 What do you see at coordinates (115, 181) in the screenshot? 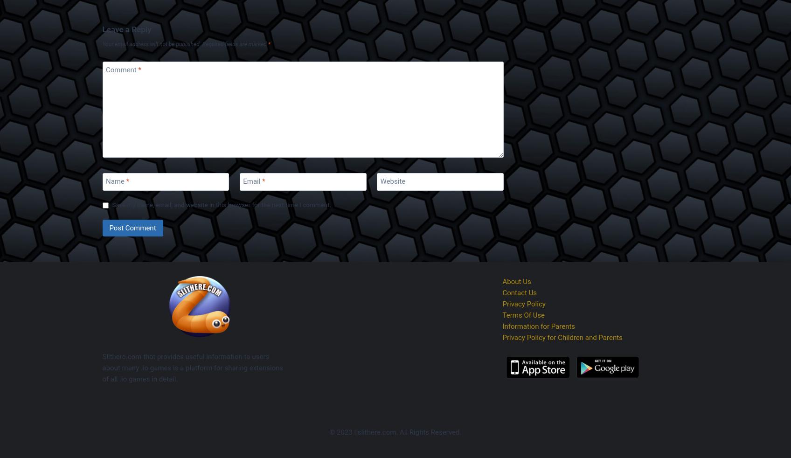
I see `'Name'` at bounding box center [115, 181].